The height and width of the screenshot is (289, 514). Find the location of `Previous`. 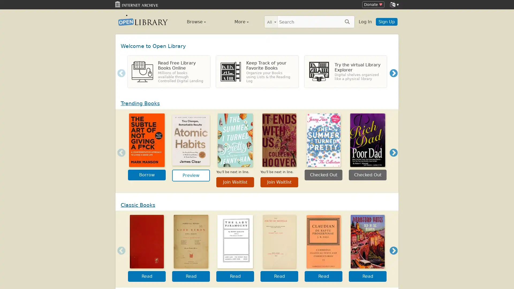

Previous is located at coordinates (119, 251).